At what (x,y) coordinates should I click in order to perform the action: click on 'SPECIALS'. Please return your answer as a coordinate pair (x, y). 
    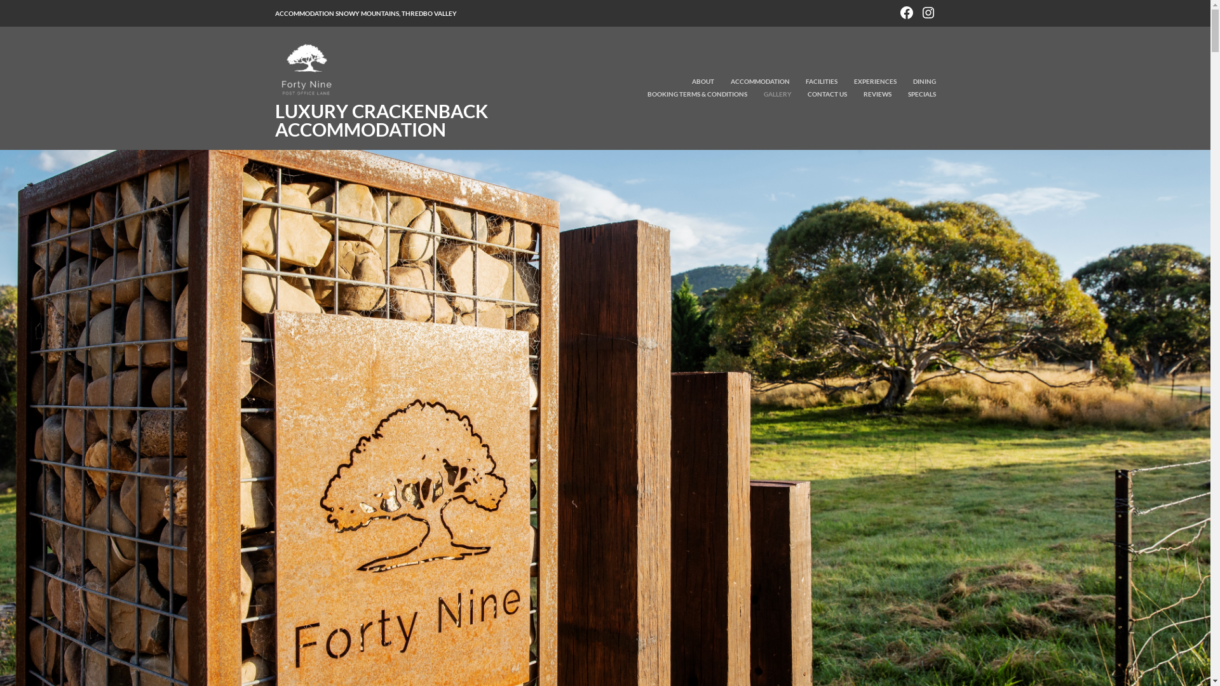
    Looking at the image, I should click on (892, 94).